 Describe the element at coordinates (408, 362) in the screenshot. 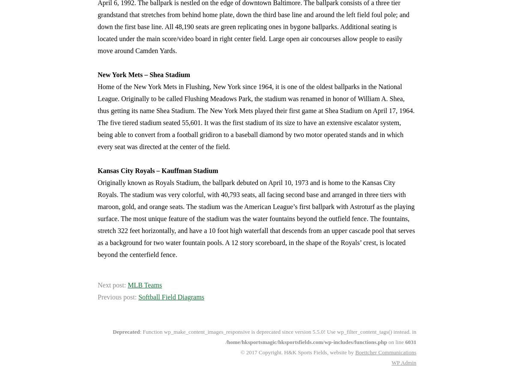

I see `'Admin'` at that location.